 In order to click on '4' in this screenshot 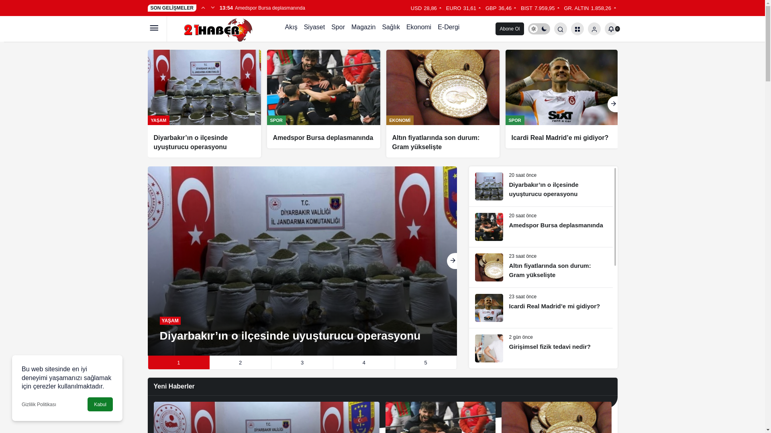, I will do `click(362, 362)`.